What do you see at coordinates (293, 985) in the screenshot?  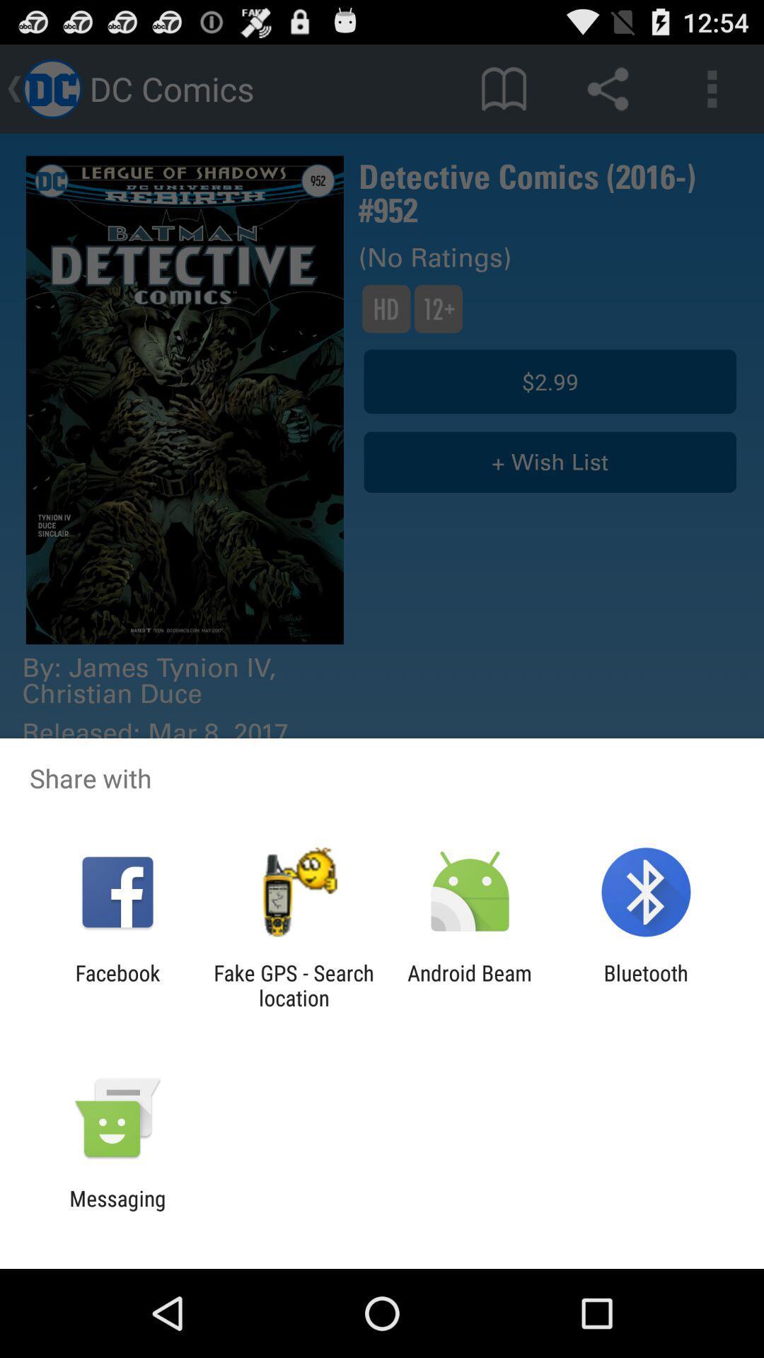 I see `icon to the right of facebook item` at bounding box center [293, 985].